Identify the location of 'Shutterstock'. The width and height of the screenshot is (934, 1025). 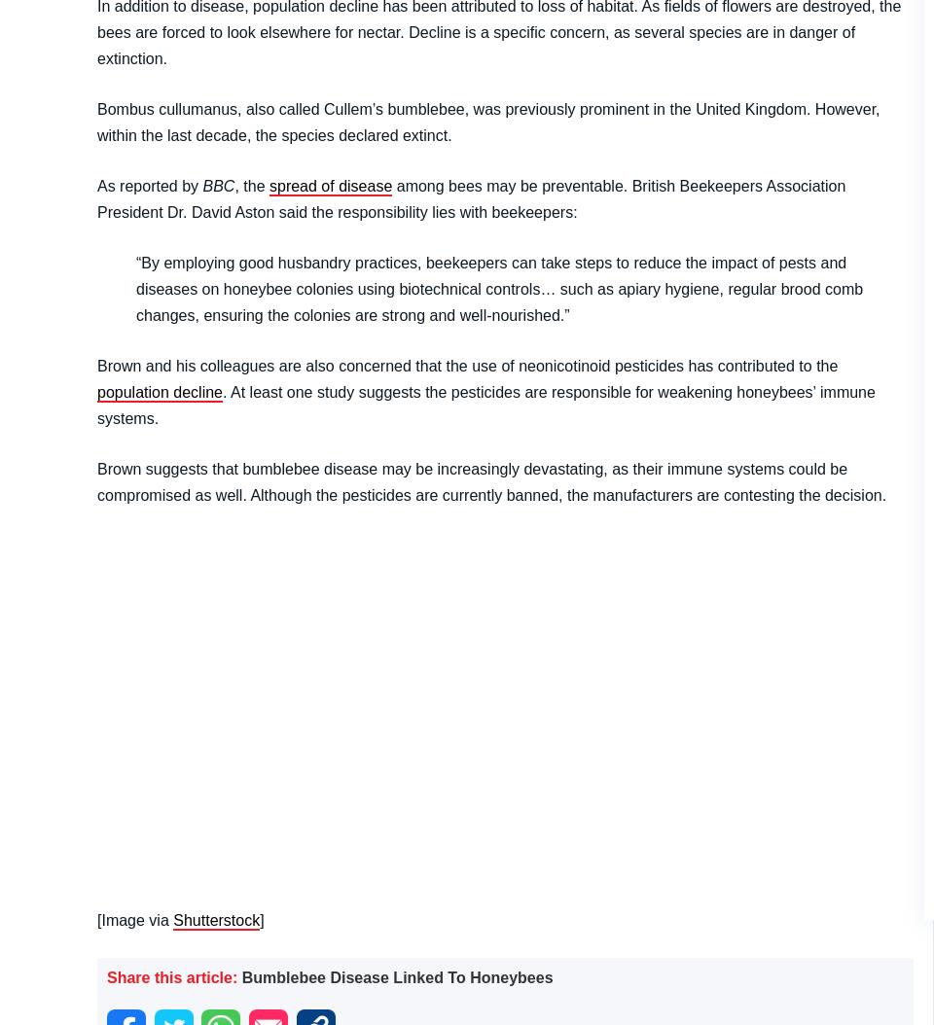
(216, 918).